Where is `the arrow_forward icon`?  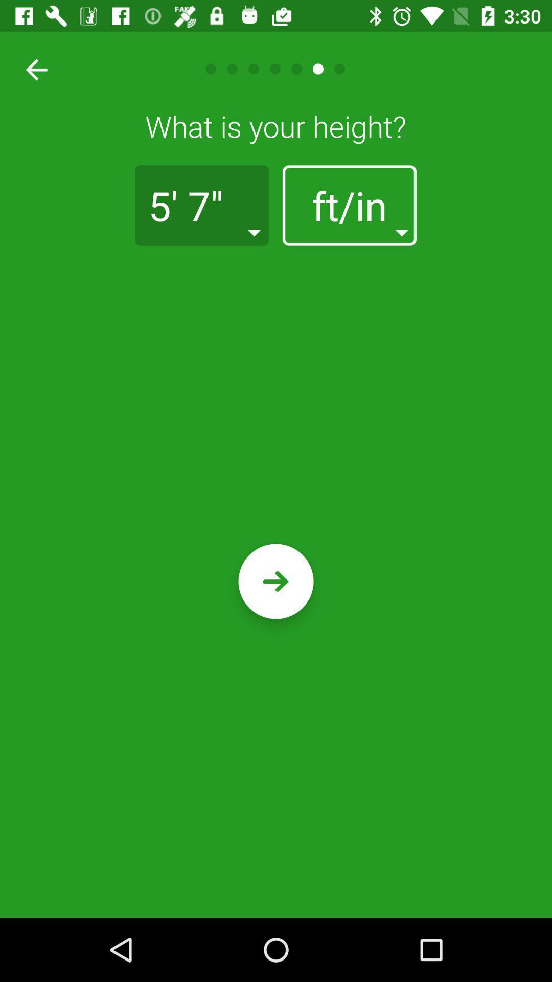 the arrow_forward icon is located at coordinates (276, 582).